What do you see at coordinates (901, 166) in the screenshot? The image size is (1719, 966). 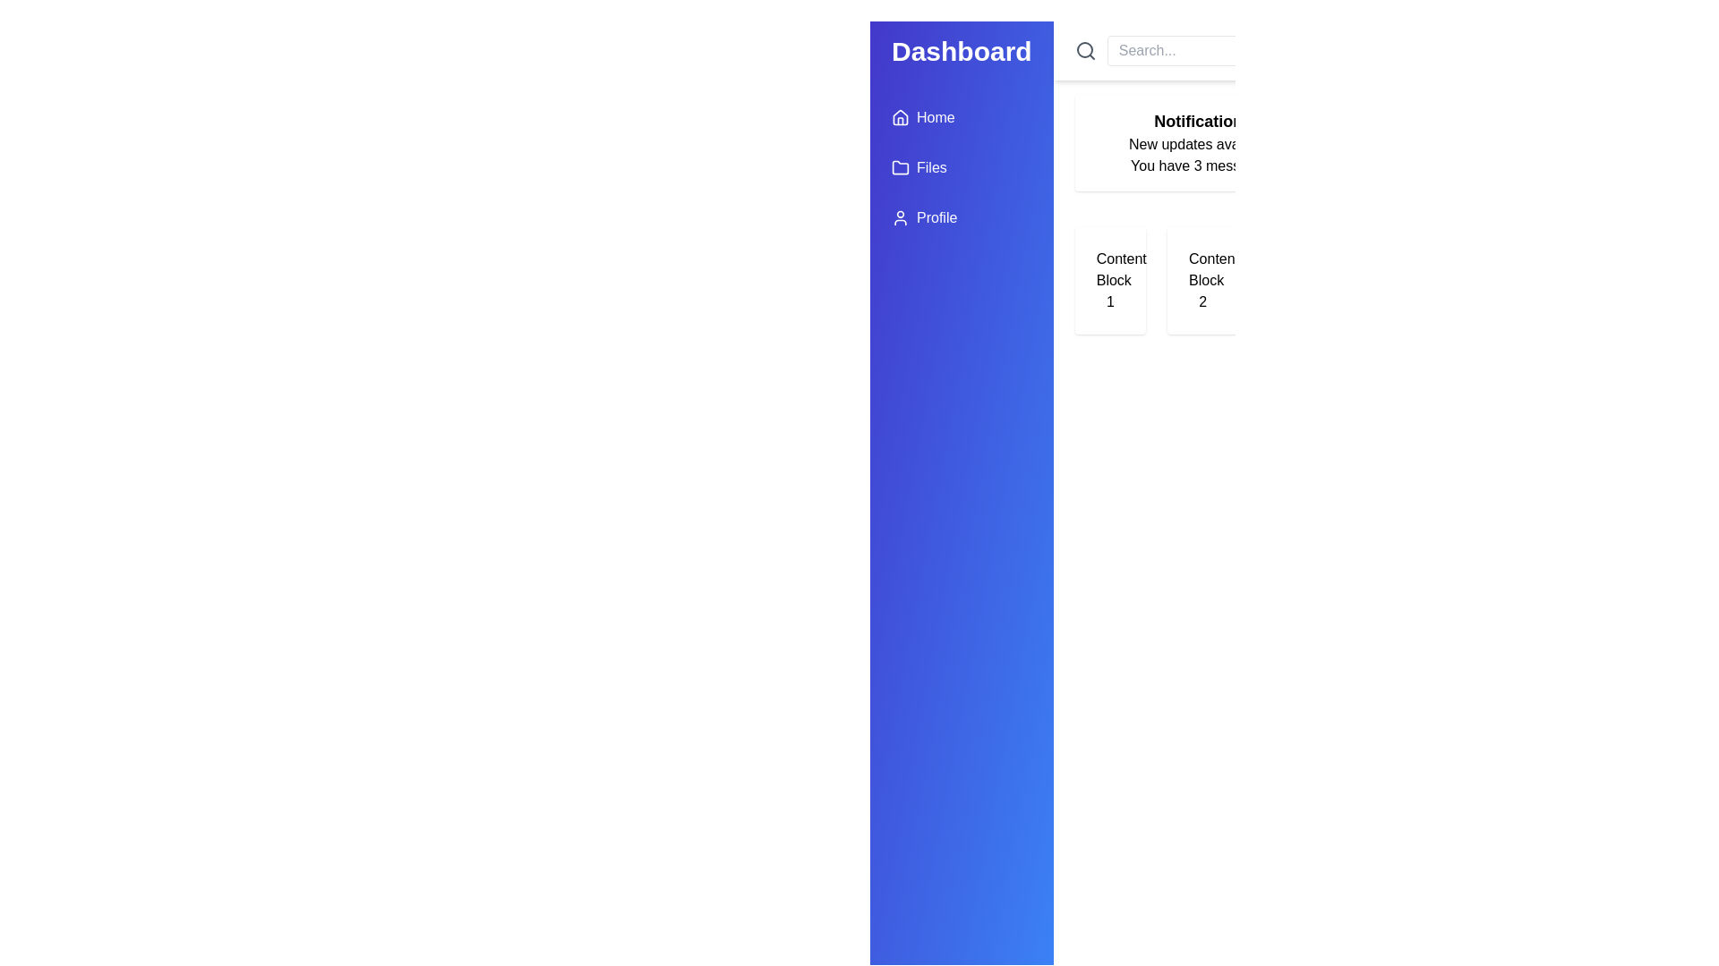 I see `the stylized folder icon located in the left navigation sidebar, positioned between the 'Home' and 'Profile' icons` at bounding box center [901, 166].